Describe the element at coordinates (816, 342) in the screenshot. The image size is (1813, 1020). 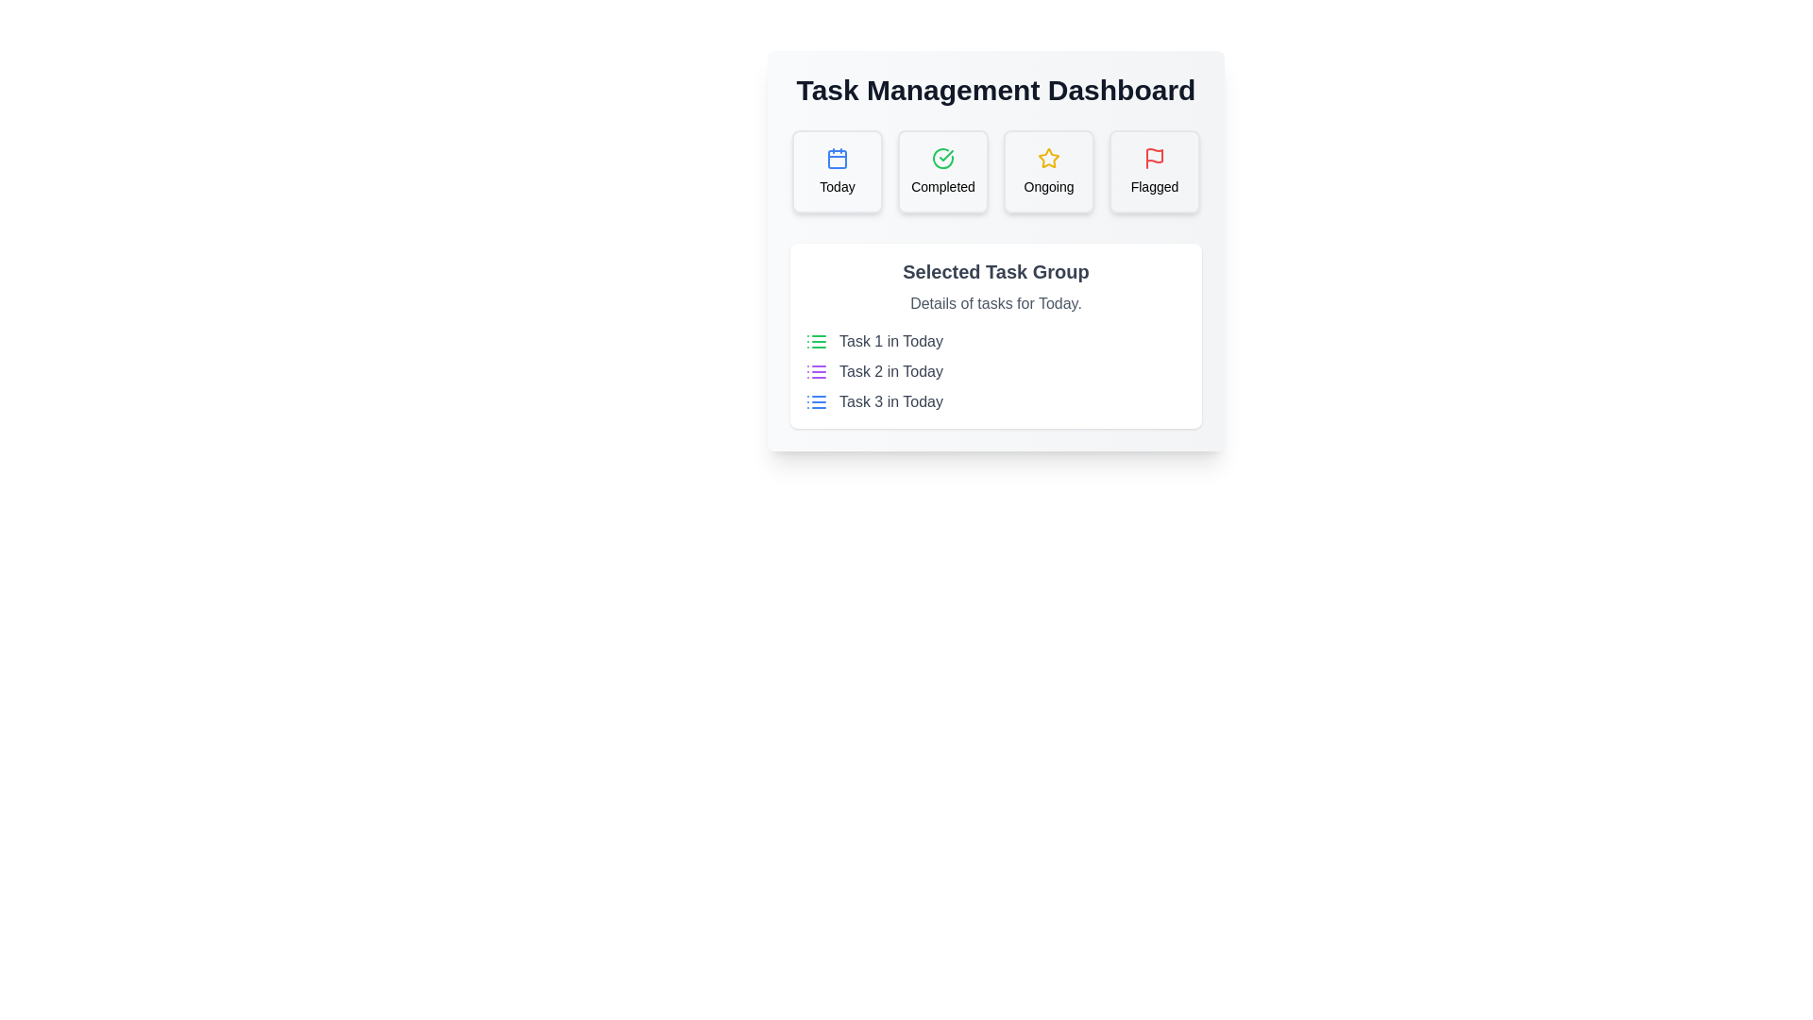
I see `the green list icon located to the left of the text 'Task 1 in Today' in the task listing interface` at that location.